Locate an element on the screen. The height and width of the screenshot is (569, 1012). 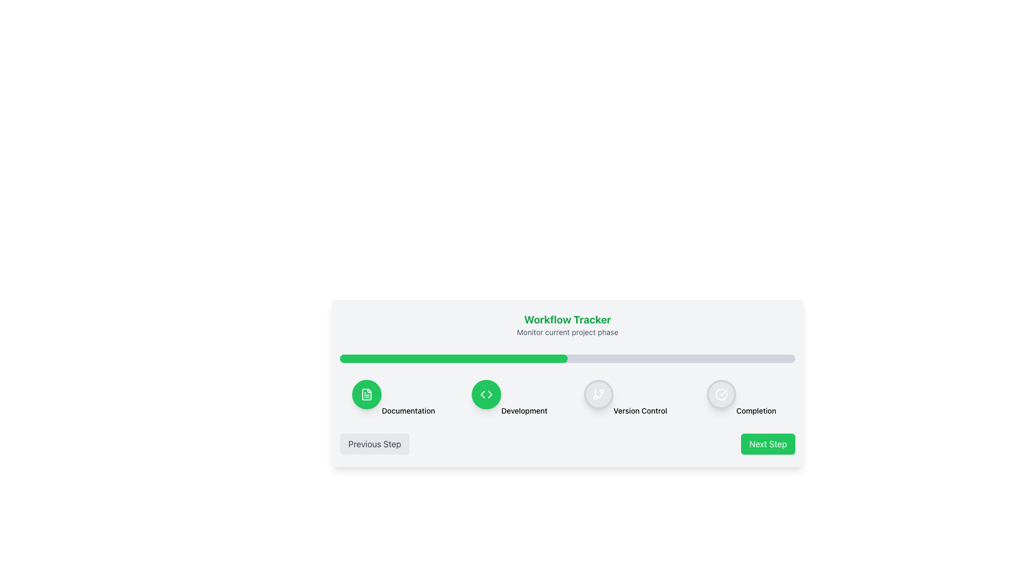
the text label 'Development', which is positioned centrally beneath the second step of the workflow indicator is located at coordinates (524, 410).